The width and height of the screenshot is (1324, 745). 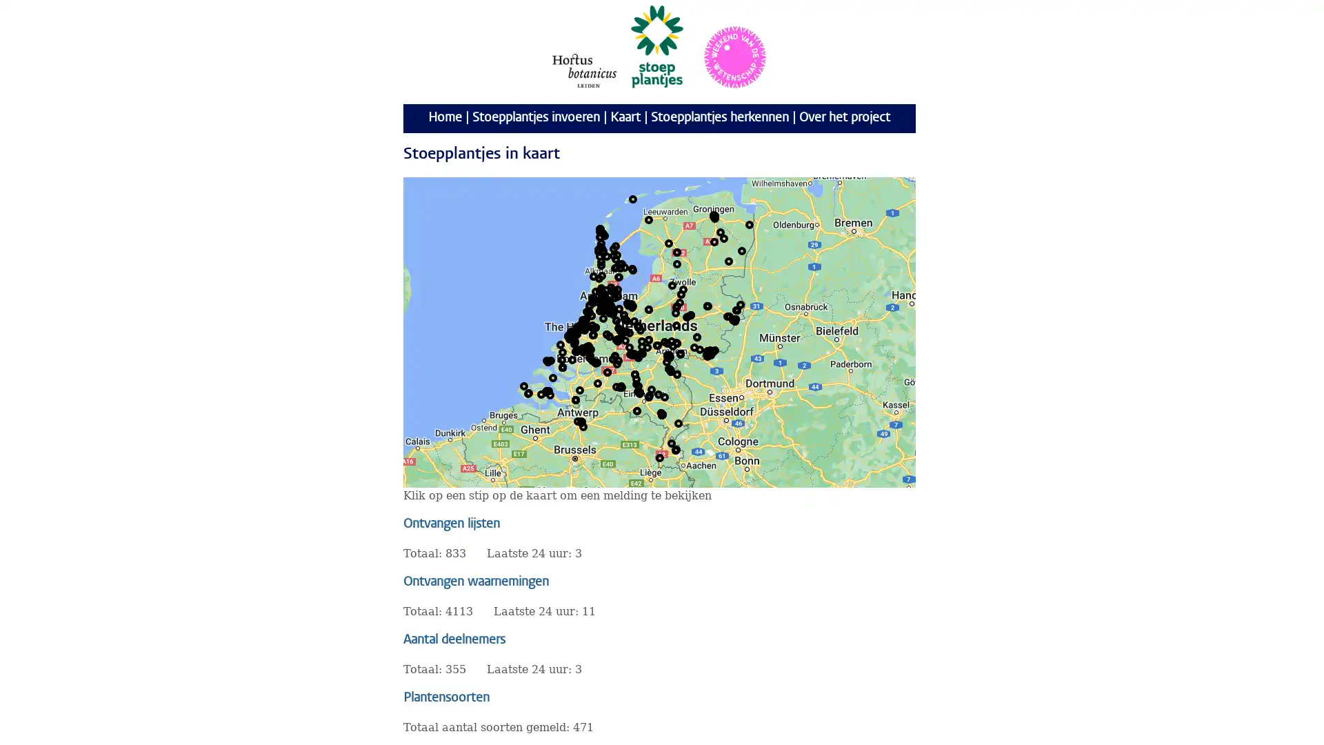 What do you see at coordinates (621, 386) in the screenshot?
I see `Telling van Milja op 16 juni 2022` at bounding box center [621, 386].